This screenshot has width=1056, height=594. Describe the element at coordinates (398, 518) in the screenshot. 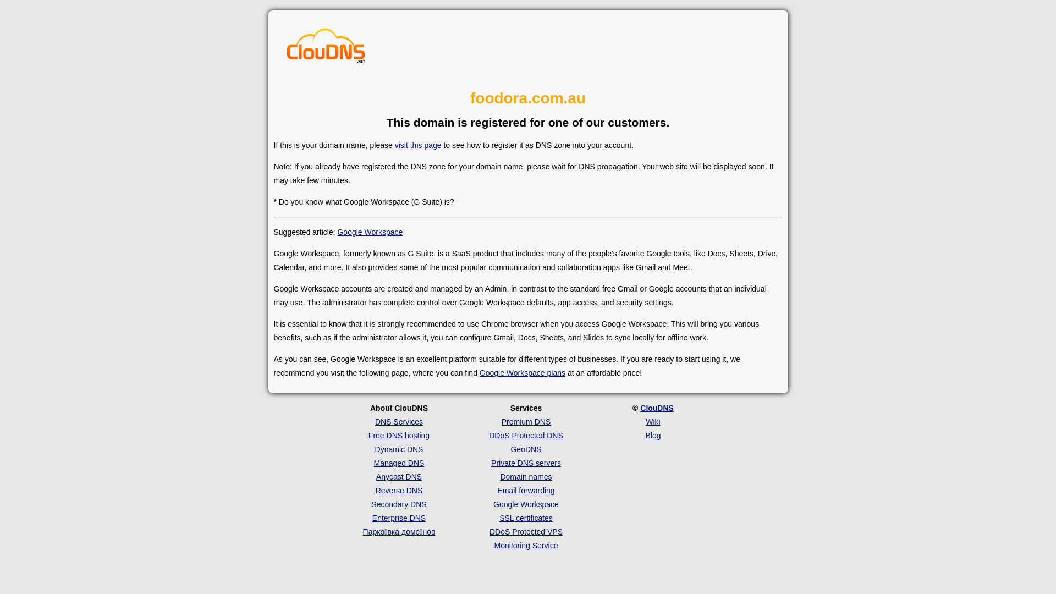

I see `'Enterprise DNS'` at that location.